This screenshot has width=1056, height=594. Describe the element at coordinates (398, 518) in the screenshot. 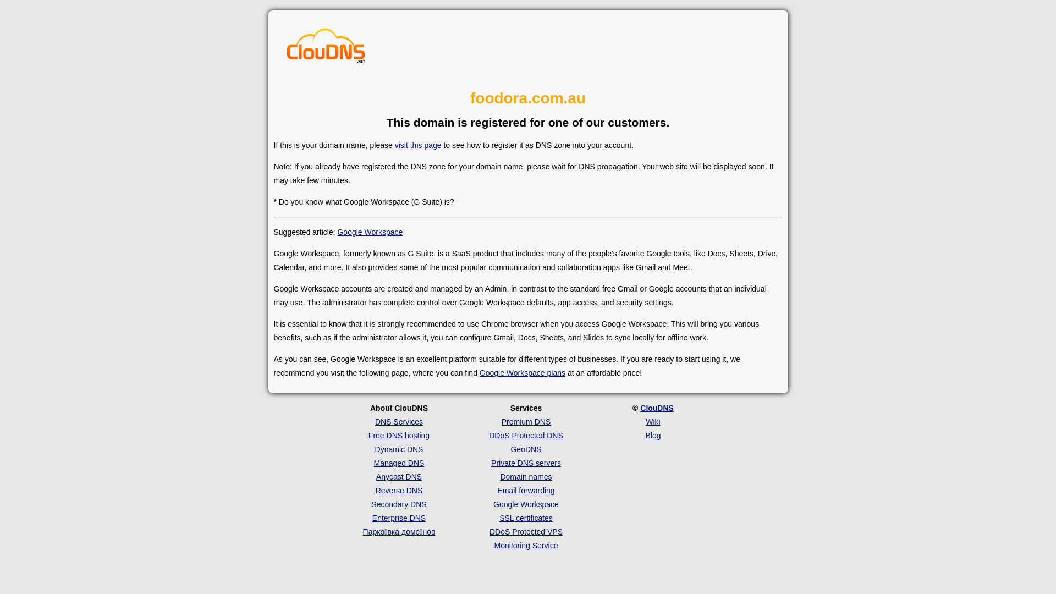

I see `'Enterprise DNS'` at that location.